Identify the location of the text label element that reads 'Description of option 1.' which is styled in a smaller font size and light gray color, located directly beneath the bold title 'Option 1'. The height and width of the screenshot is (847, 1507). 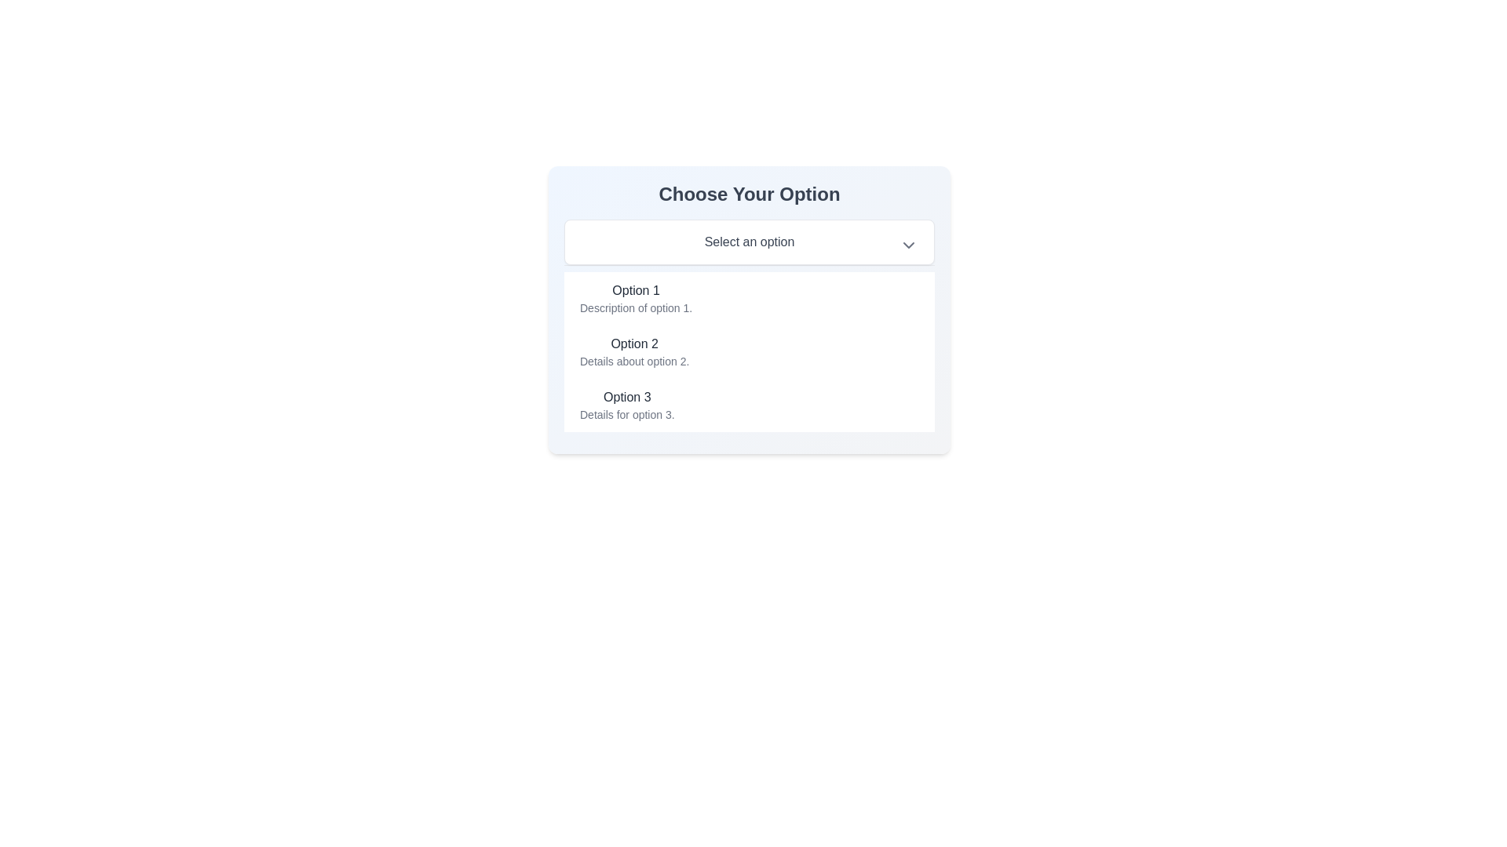
(636, 308).